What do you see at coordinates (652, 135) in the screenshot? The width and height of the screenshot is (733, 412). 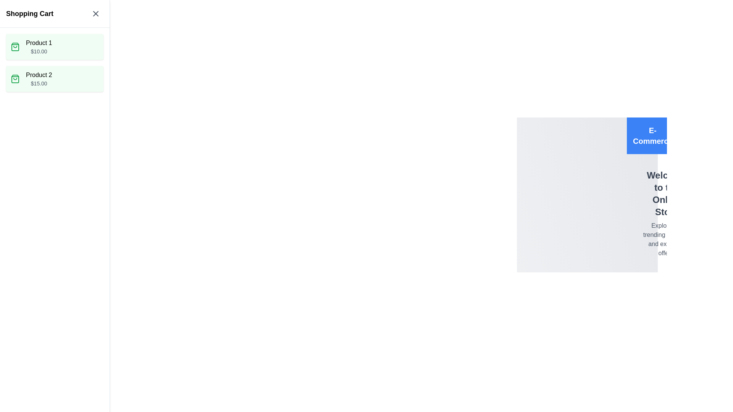 I see `the static text label displaying 'E-Commerce' in bold white on a blue background, located in the upper-right portion of the interface, adjacent to 'Manage Cart'` at bounding box center [652, 135].